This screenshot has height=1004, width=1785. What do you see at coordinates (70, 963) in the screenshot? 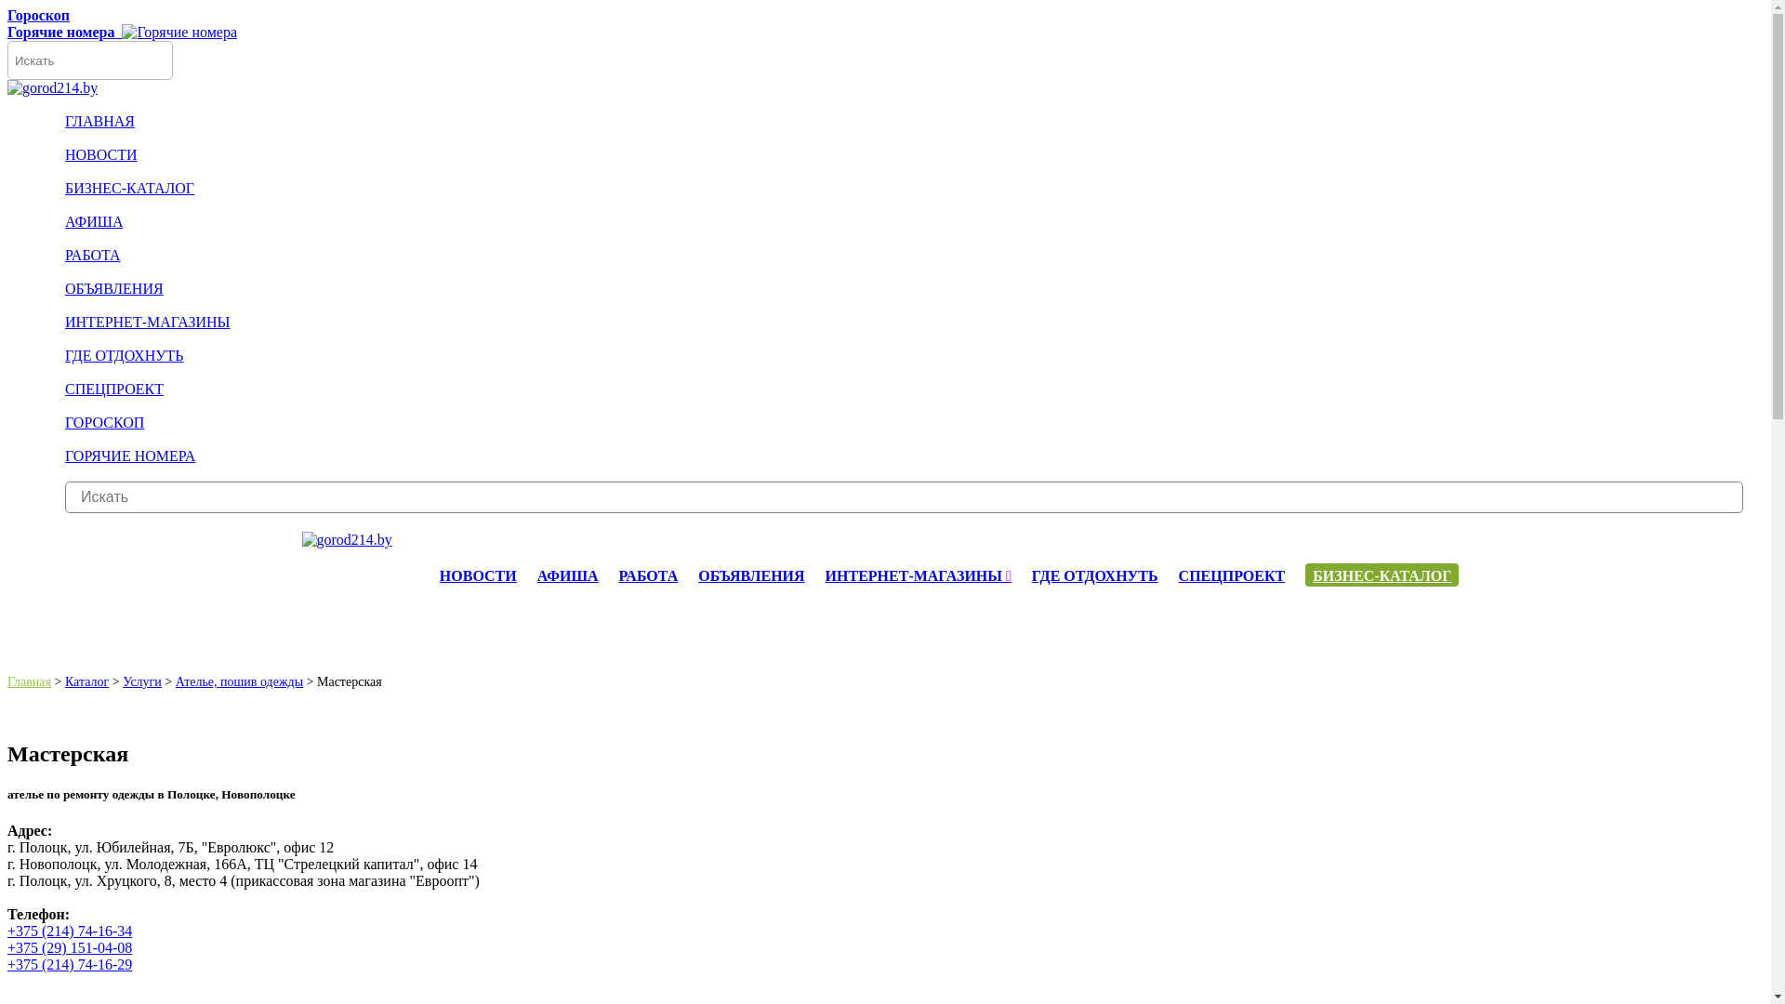
I see `'+375 (214) 74-16-29'` at bounding box center [70, 963].